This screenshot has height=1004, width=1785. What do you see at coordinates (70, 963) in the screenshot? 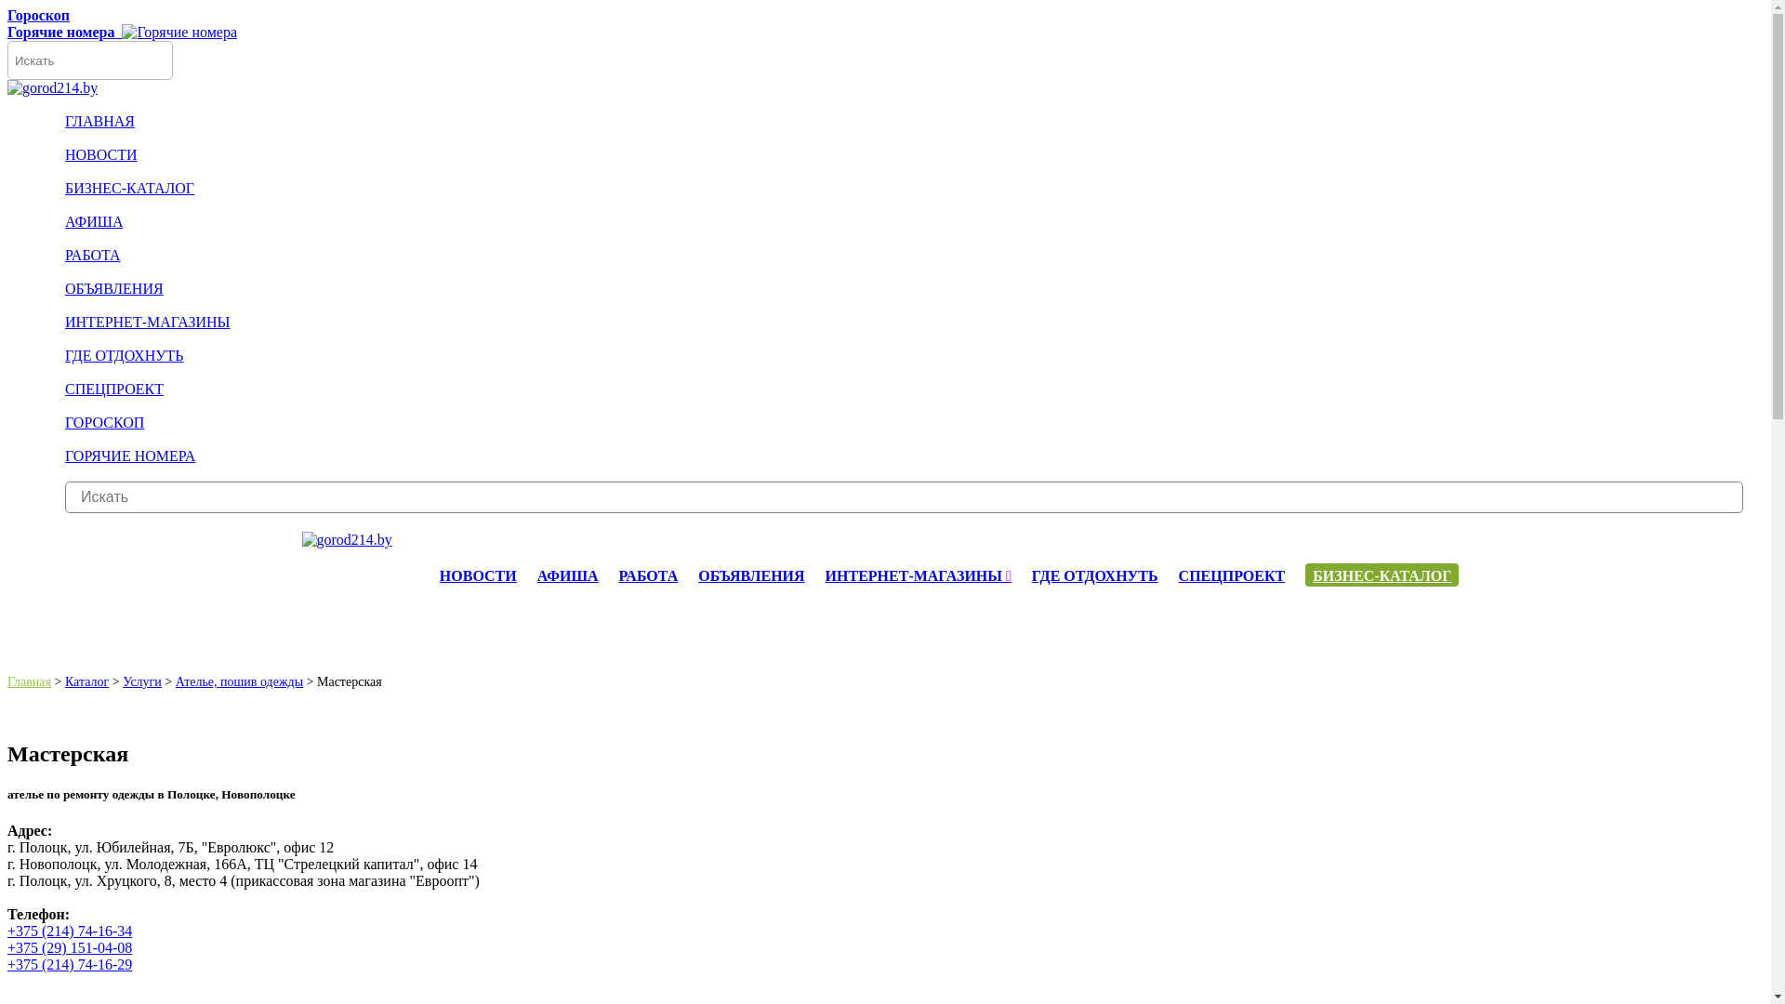
I see `'+375 (214) 74-16-29'` at bounding box center [70, 963].